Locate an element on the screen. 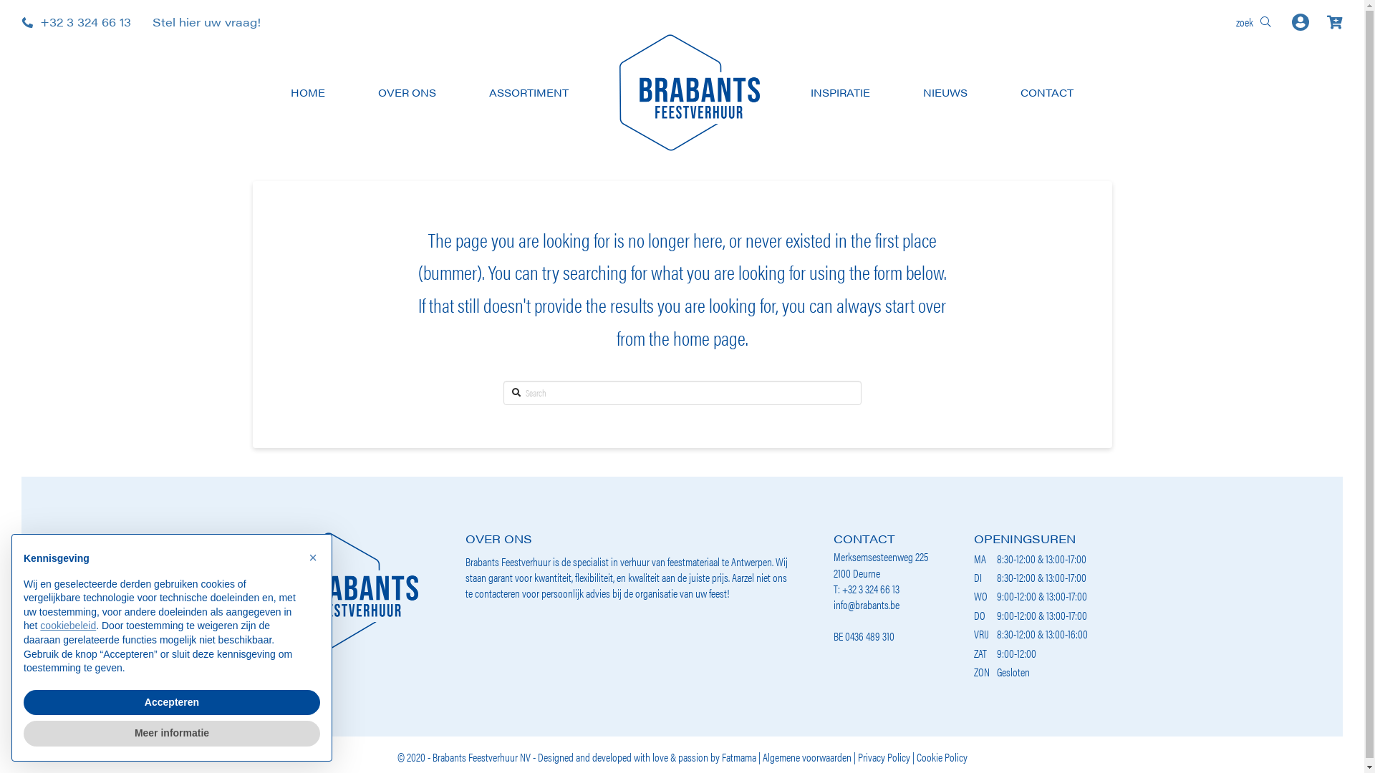 This screenshot has height=773, width=1375. 'Meer informatie' is located at coordinates (172, 734).